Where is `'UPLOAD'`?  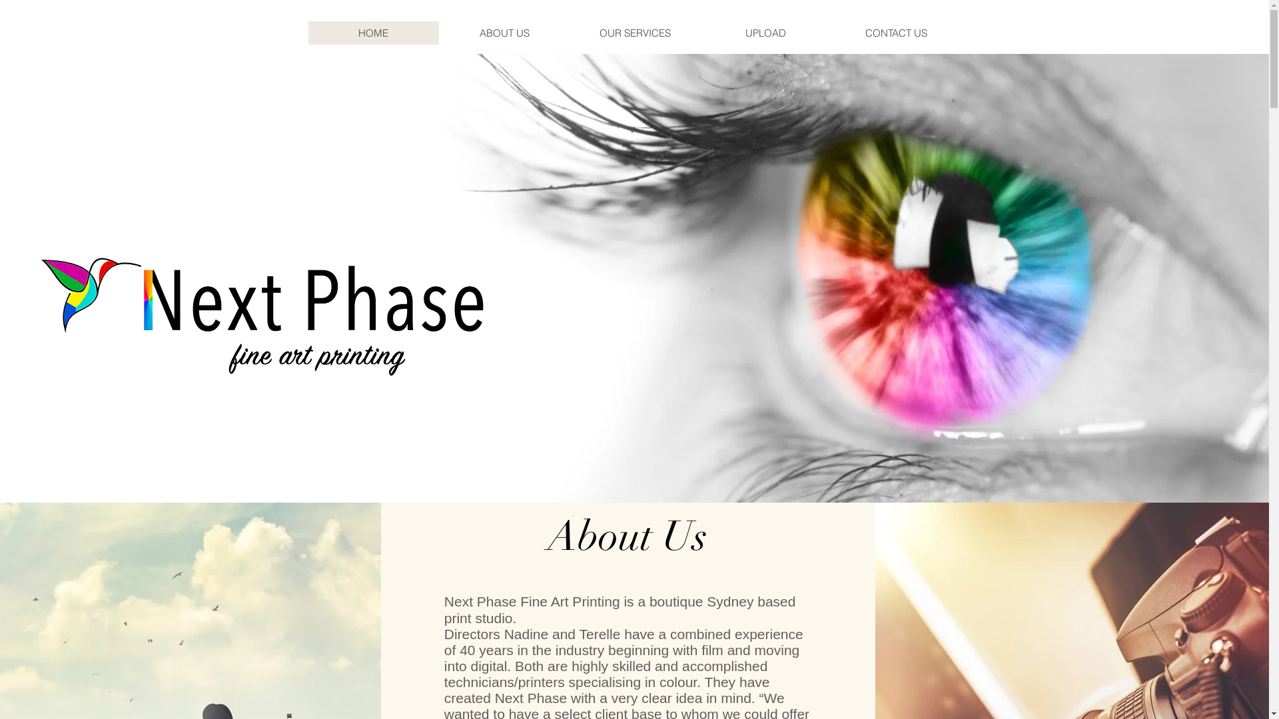 'UPLOAD' is located at coordinates (764, 32).